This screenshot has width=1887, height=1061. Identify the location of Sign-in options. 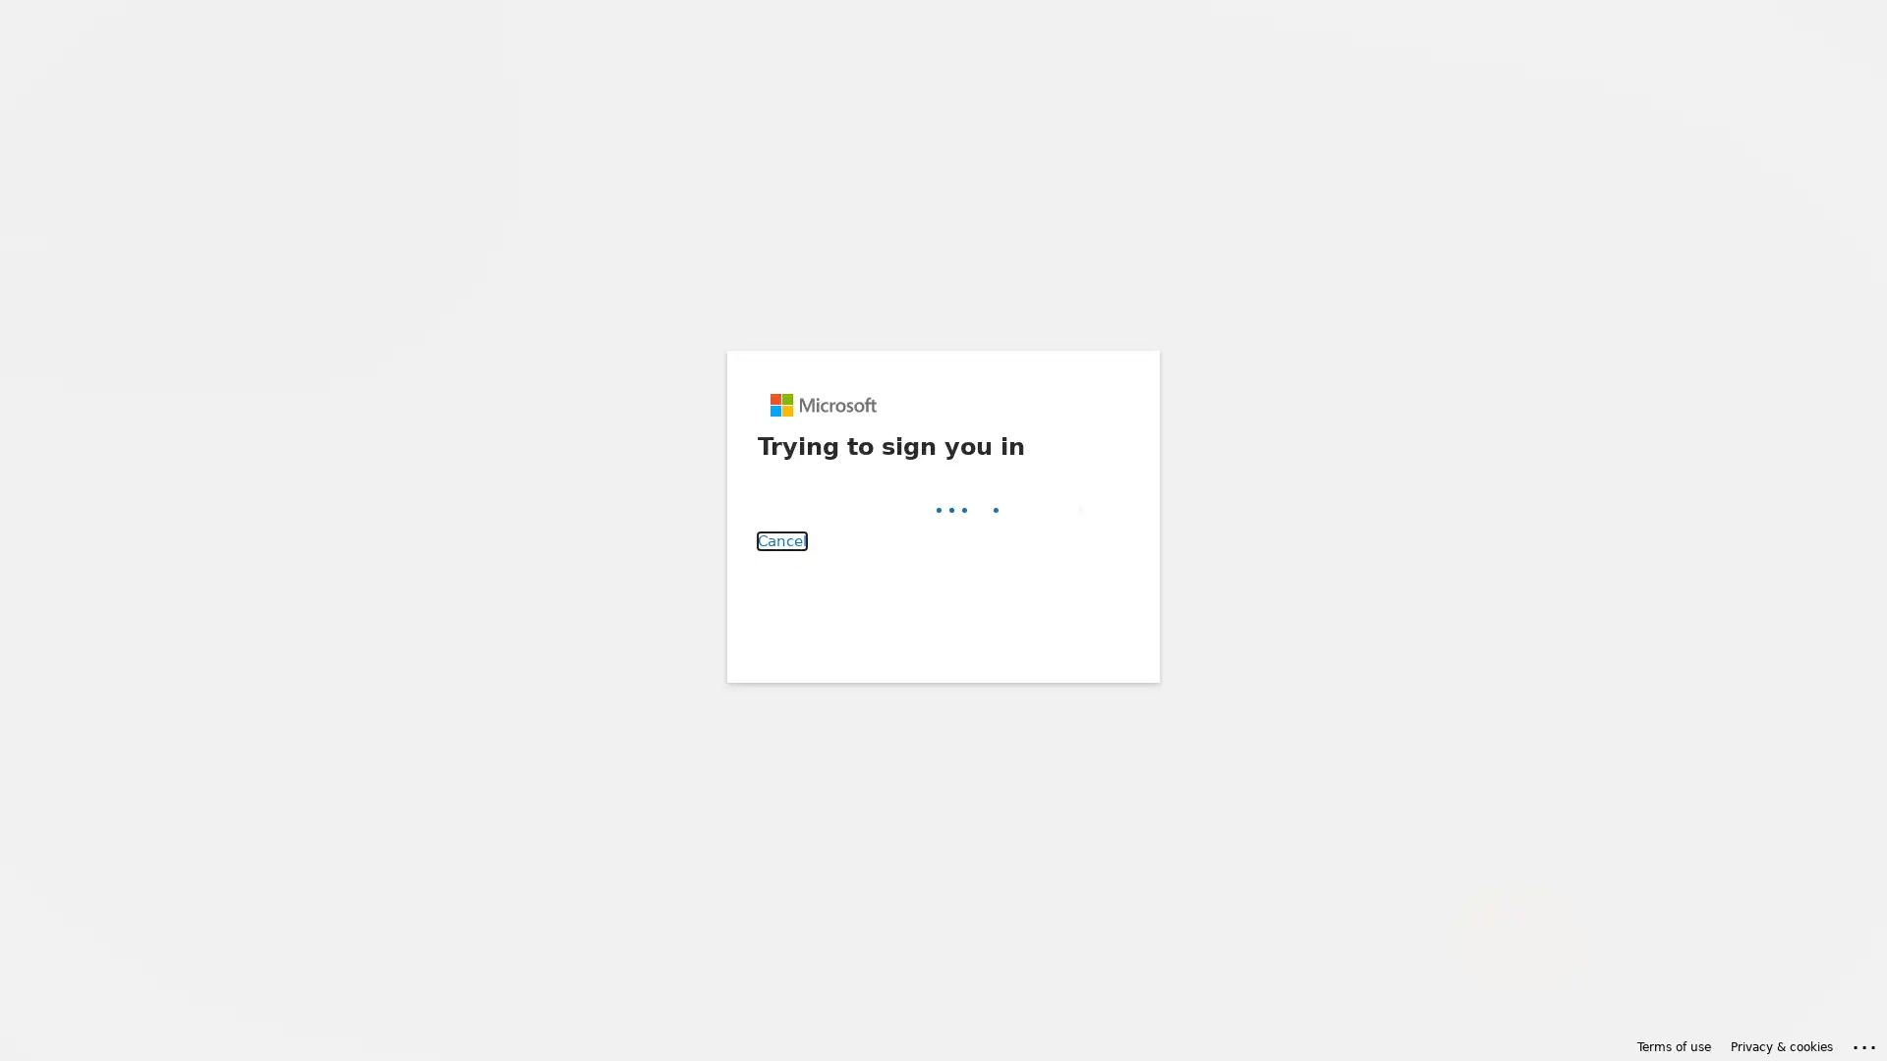
(943, 692).